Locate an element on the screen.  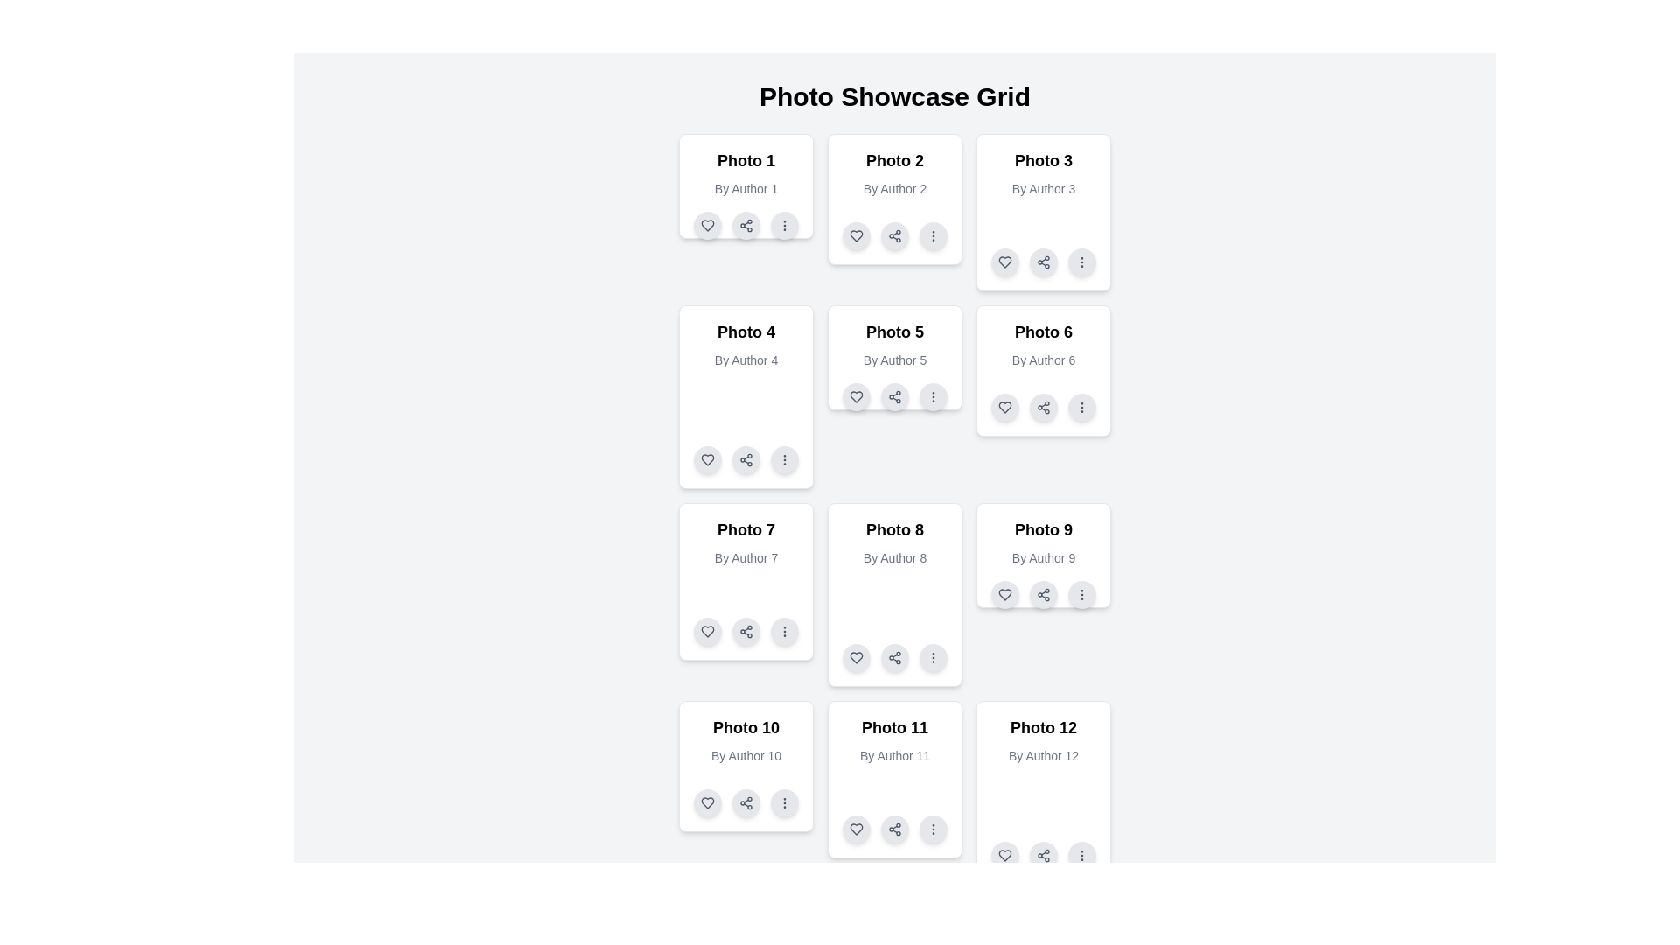
the heart-shaped icon button located in the third photo card of the photo showcase grid to indicate preference is located at coordinates (1004, 262).